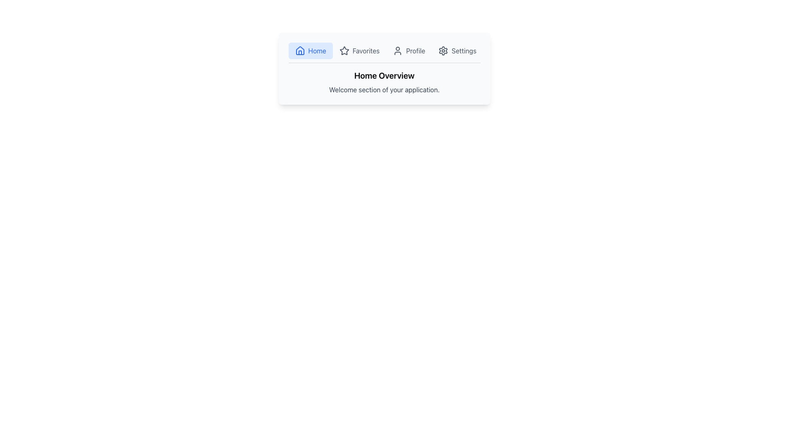 The height and width of the screenshot is (447, 794). Describe the element at coordinates (310, 51) in the screenshot. I see `the 'Home' button located at the top left of the navigation bar` at that location.